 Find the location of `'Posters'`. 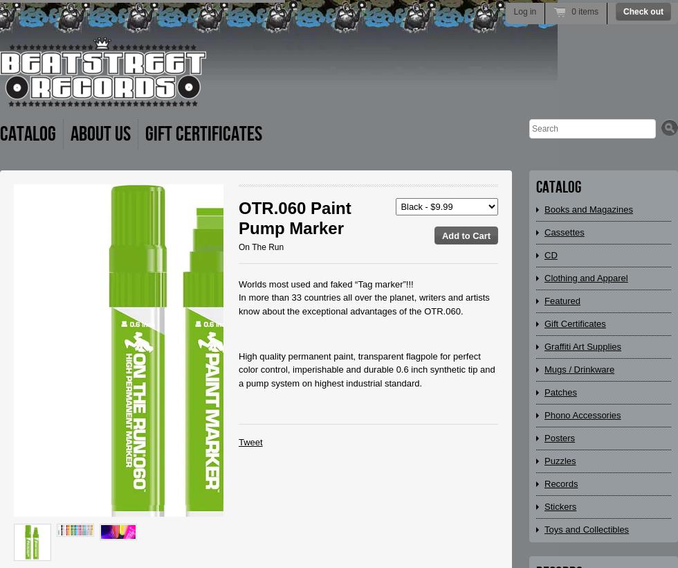

'Posters' is located at coordinates (559, 437).